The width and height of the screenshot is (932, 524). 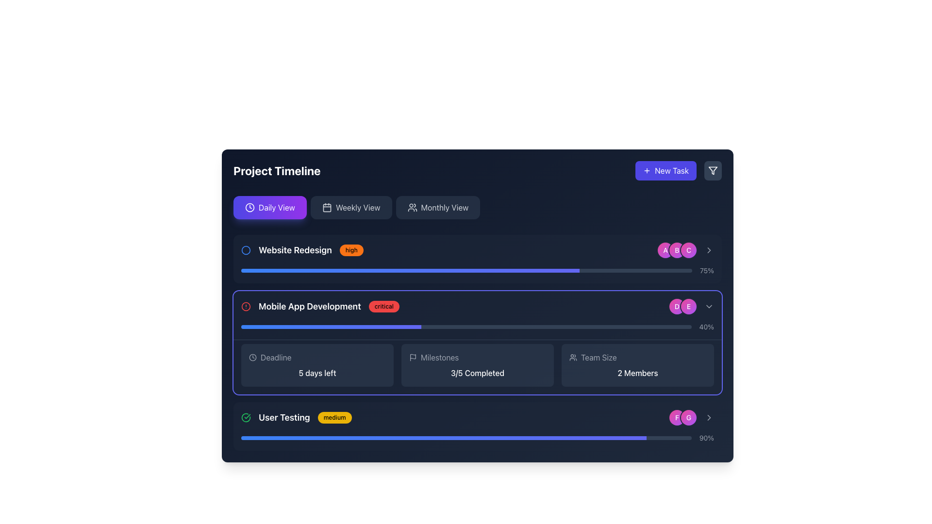 I want to click on the SVG rectangle shape with rounded corners located inside the calendar icon at the top of the interface, so click(x=327, y=207).